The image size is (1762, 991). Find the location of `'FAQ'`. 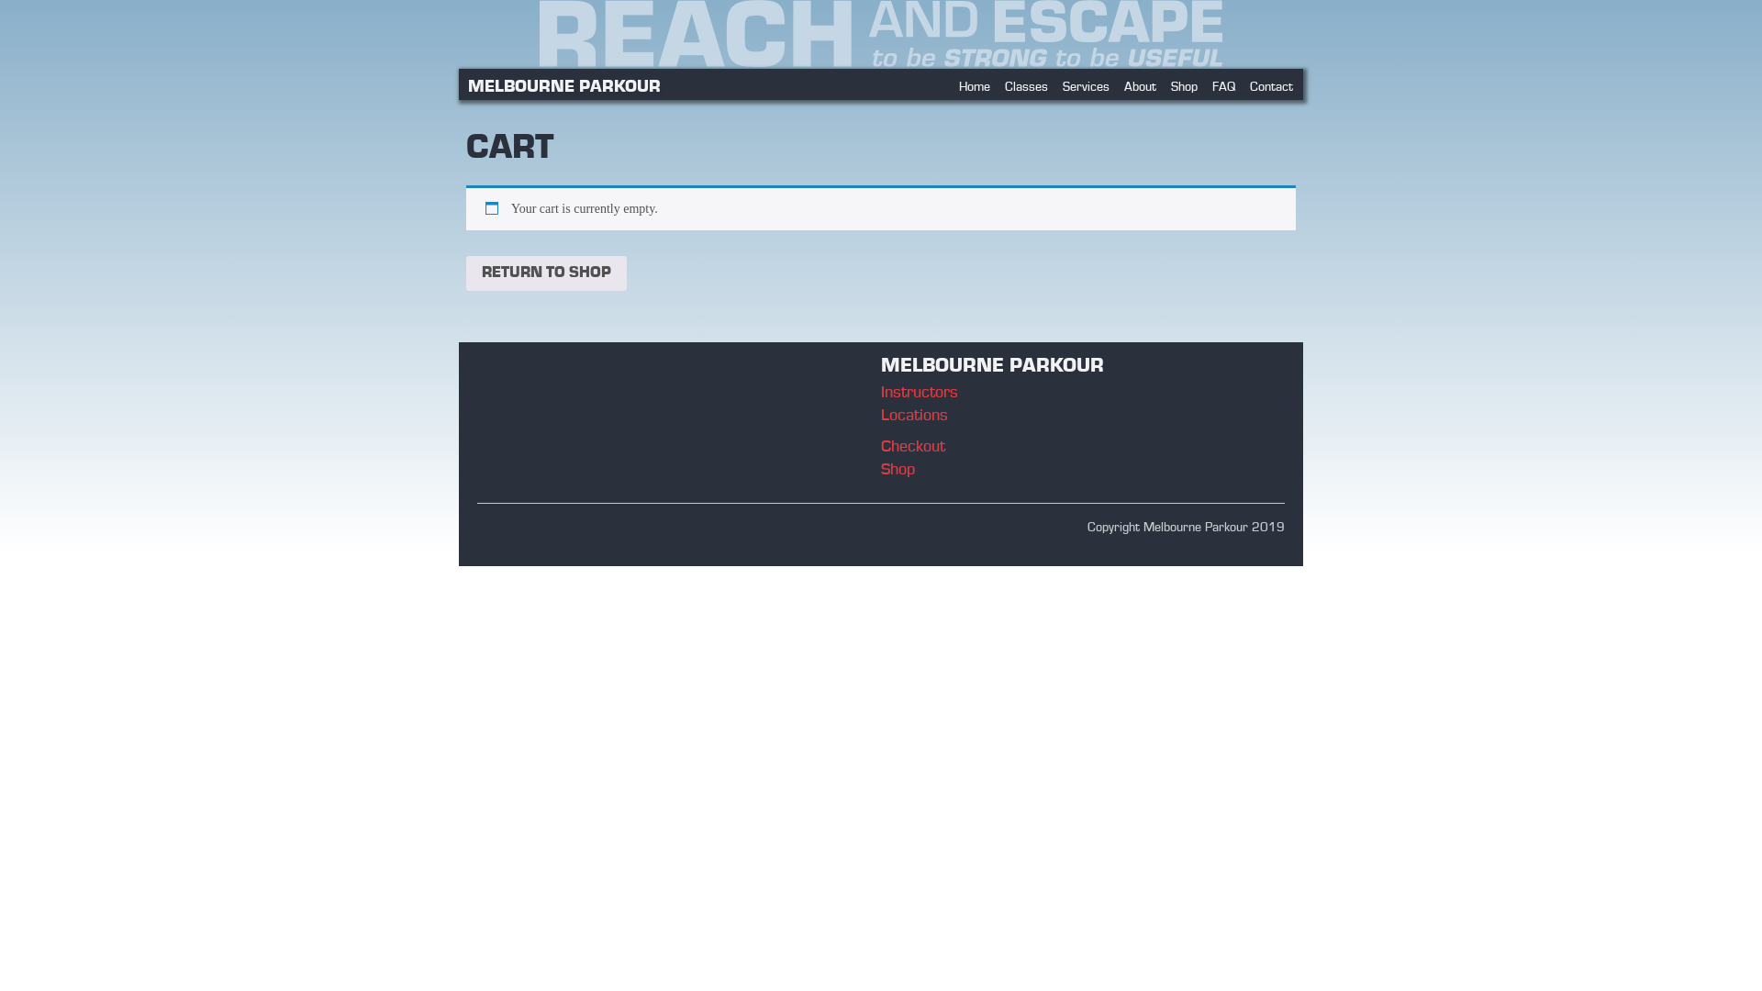

'FAQ' is located at coordinates (1205, 87).